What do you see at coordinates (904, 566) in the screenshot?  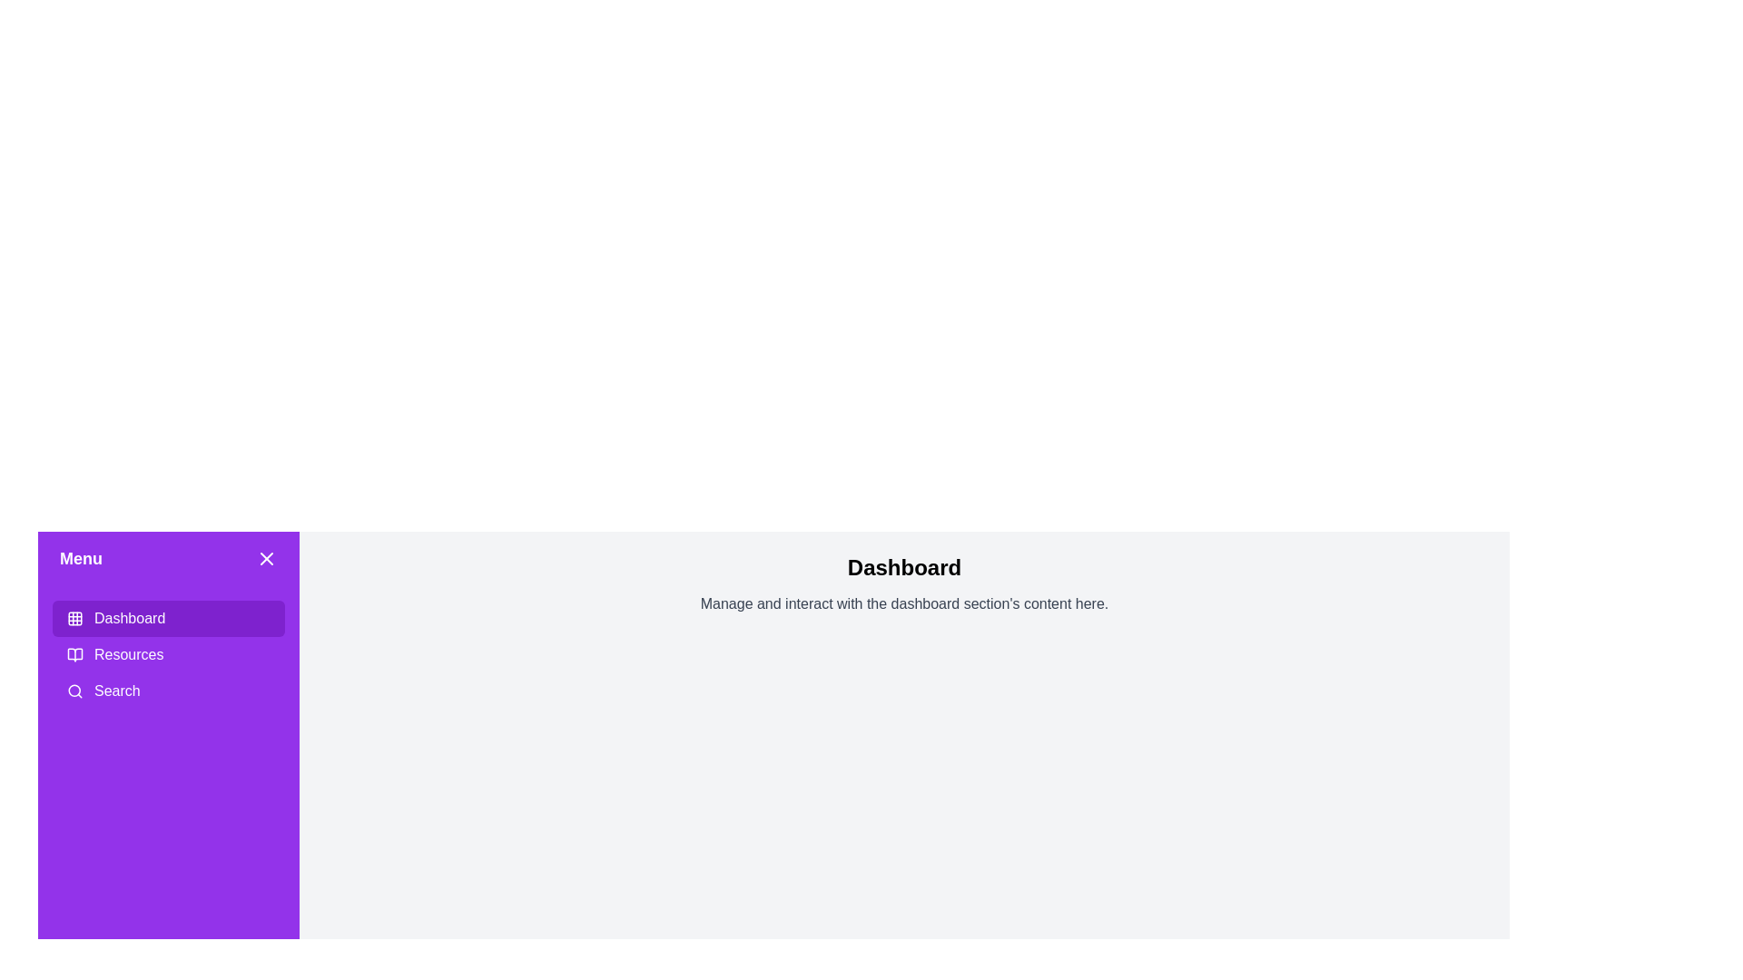 I see `the title text element that serves as the header for the associated section, positioned directly above the descriptive text` at bounding box center [904, 566].